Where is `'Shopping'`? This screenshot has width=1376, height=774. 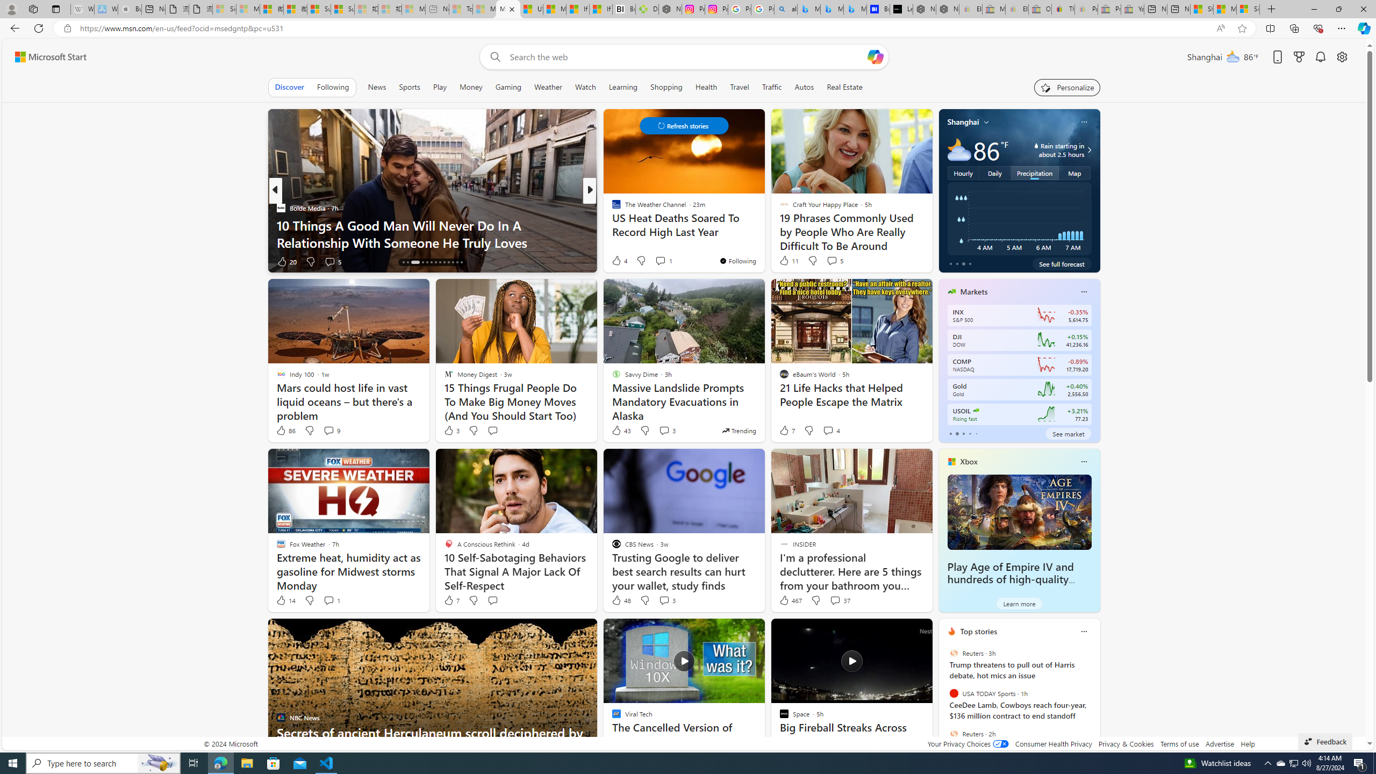 'Shopping' is located at coordinates (666, 87).